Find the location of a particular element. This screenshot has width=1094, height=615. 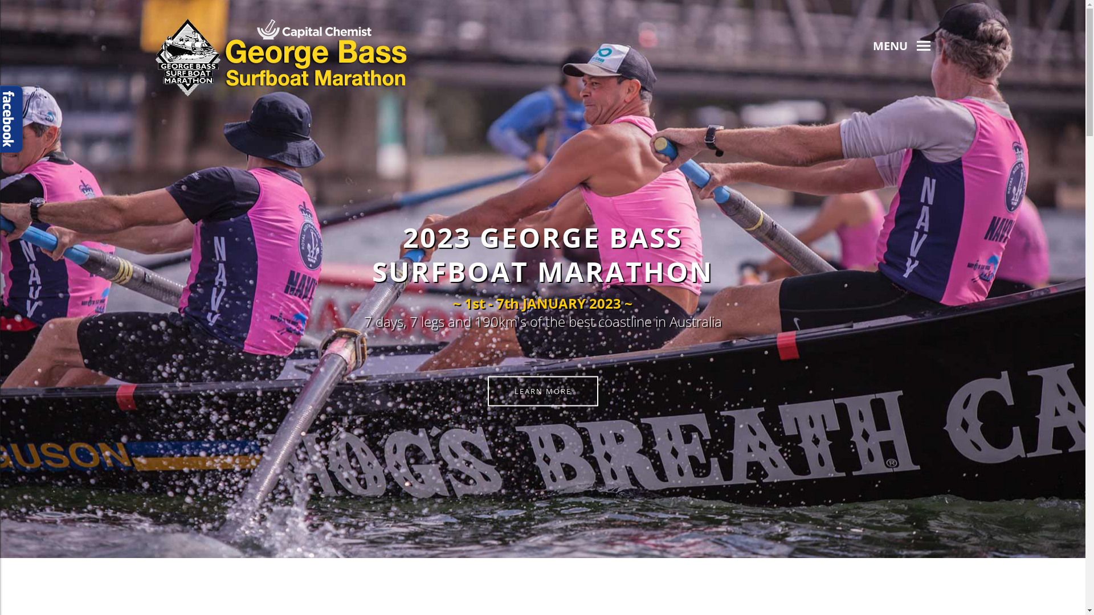

'LEARN MORE' is located at coordinates (542, 390).